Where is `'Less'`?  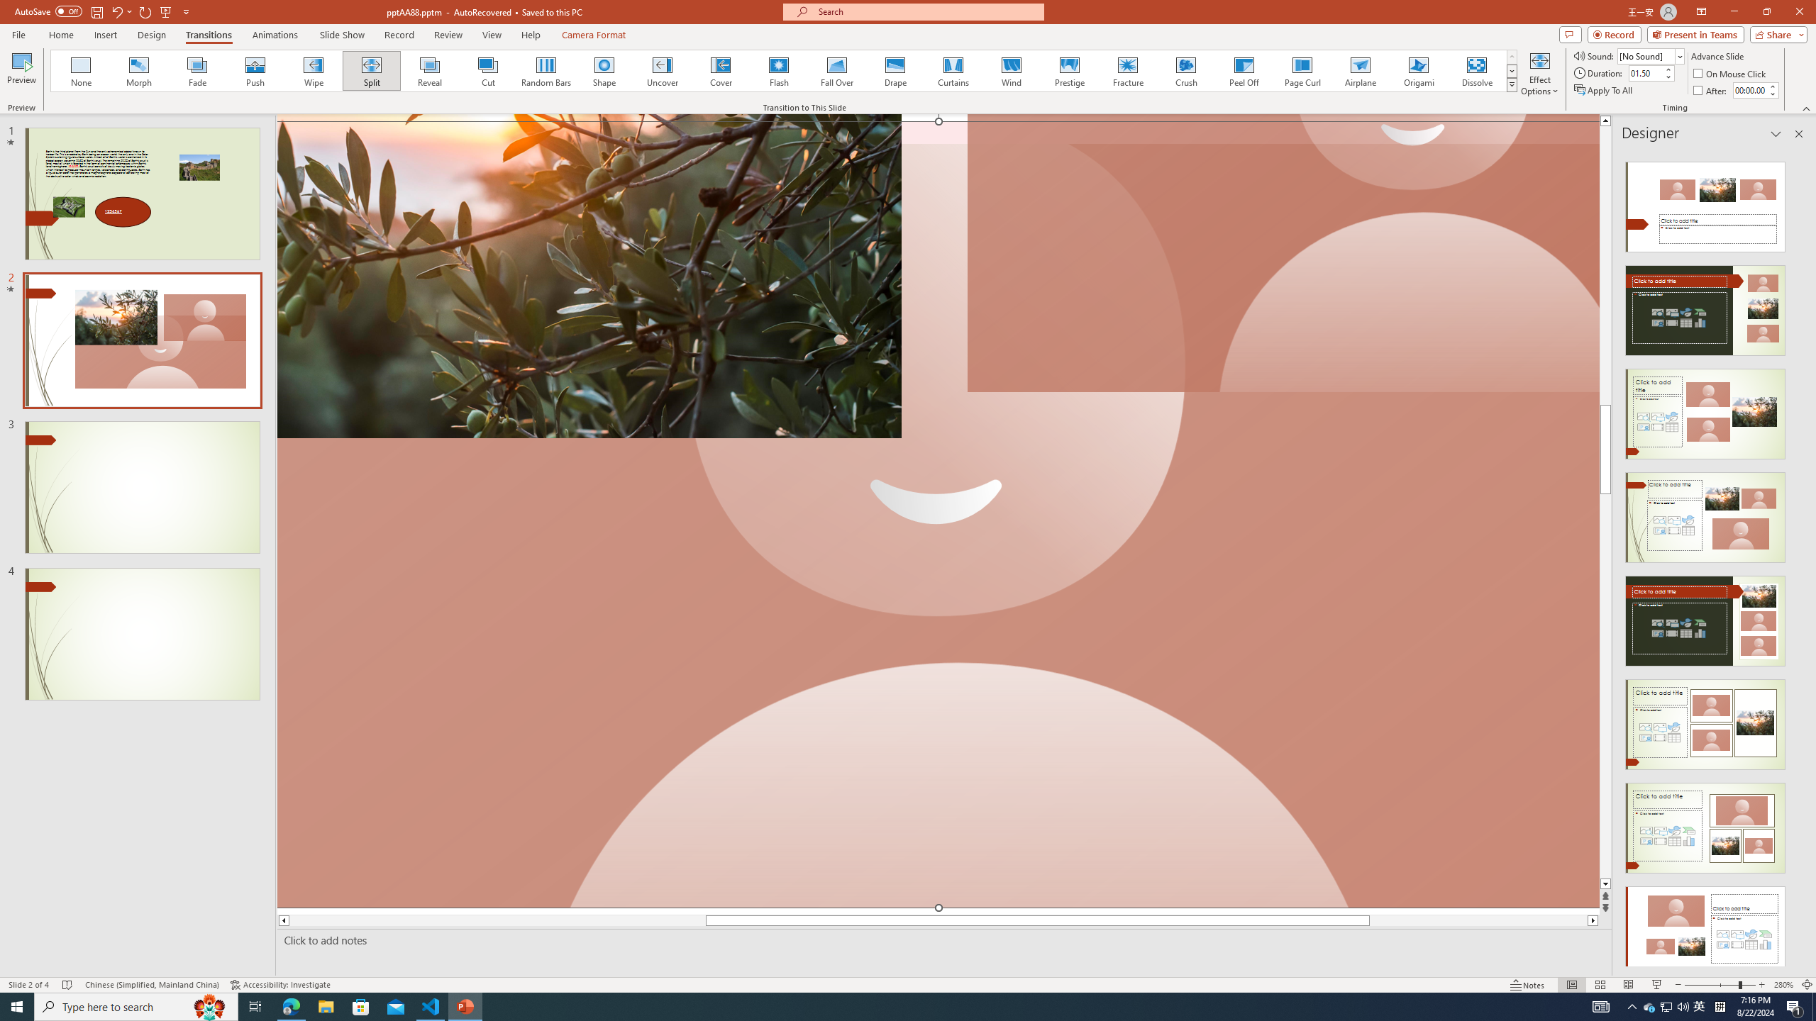 'Less' is located at coordinates (1772, 93).